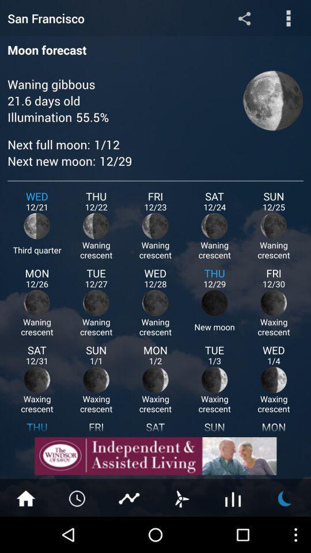 The image size is (311, 553). What do you see at coordinates (244, 17) in the screenshot?
I see `share data` at bounding box center [244, 17].